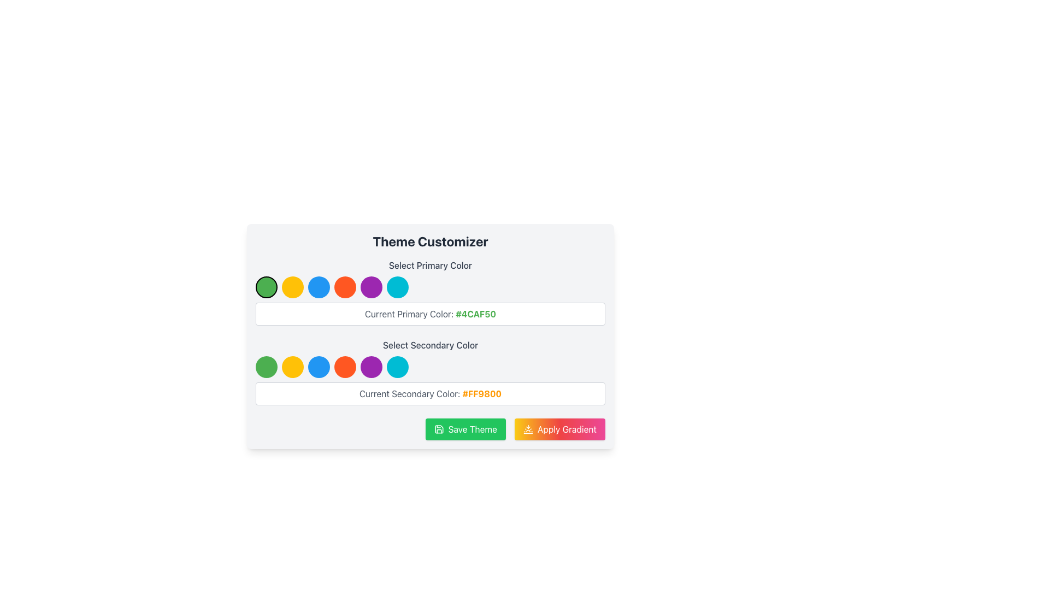  I want to click on the circular purple button in the 'Select Secondary Color' section, so click(372, 367).